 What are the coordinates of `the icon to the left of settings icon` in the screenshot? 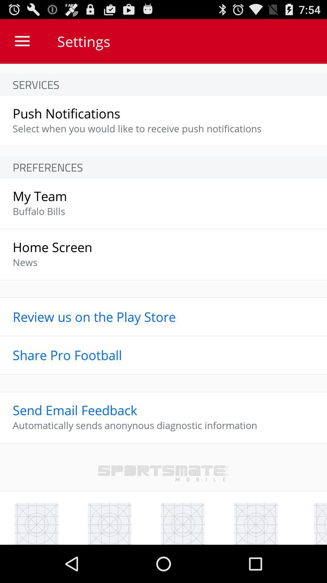 It's located at (22, 41).